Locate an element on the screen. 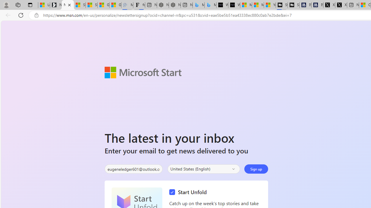 The width and height of the screenshot is (371, 208). 'Microsoft Start' is located at coordinates (143, 72).